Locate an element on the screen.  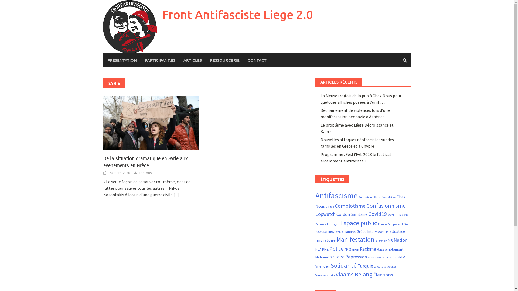
'Interviews' is located at coordinates (367, 231).